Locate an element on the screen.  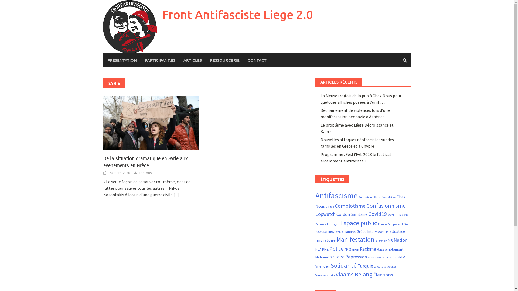
'Interviews' is located at coordinates (367, 231).